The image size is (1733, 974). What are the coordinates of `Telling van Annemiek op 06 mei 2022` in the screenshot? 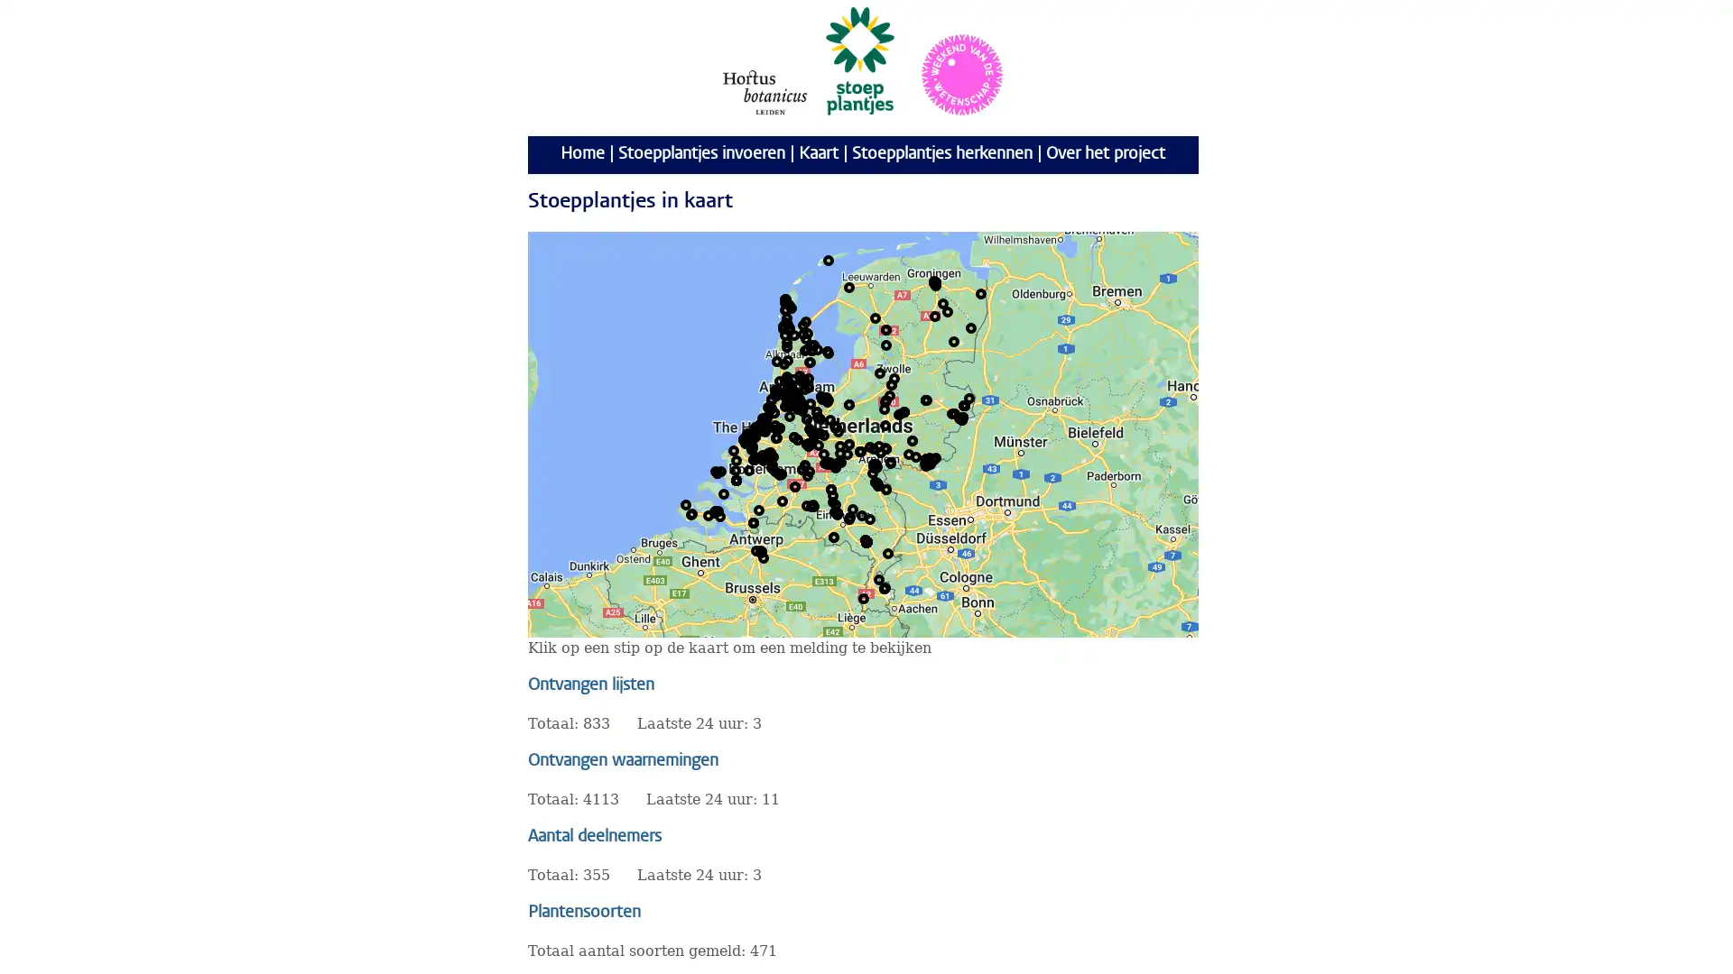 It's located at (750, 438).